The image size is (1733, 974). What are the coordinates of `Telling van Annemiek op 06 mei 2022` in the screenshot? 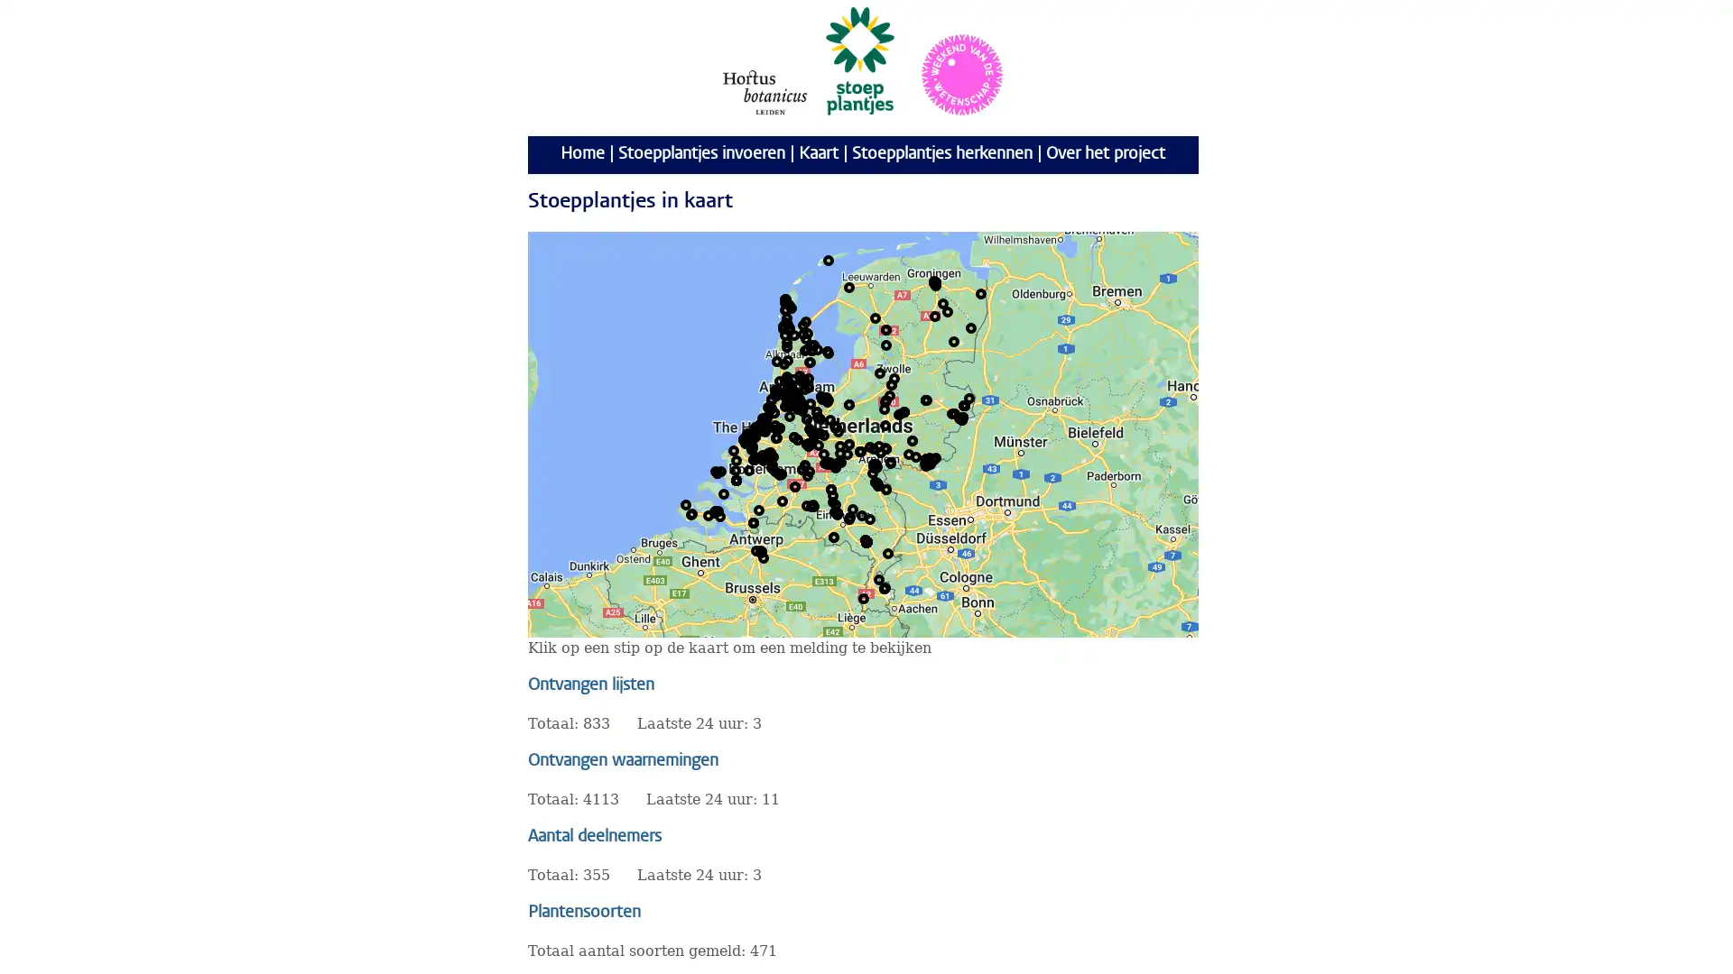 It's located at (750, 438).